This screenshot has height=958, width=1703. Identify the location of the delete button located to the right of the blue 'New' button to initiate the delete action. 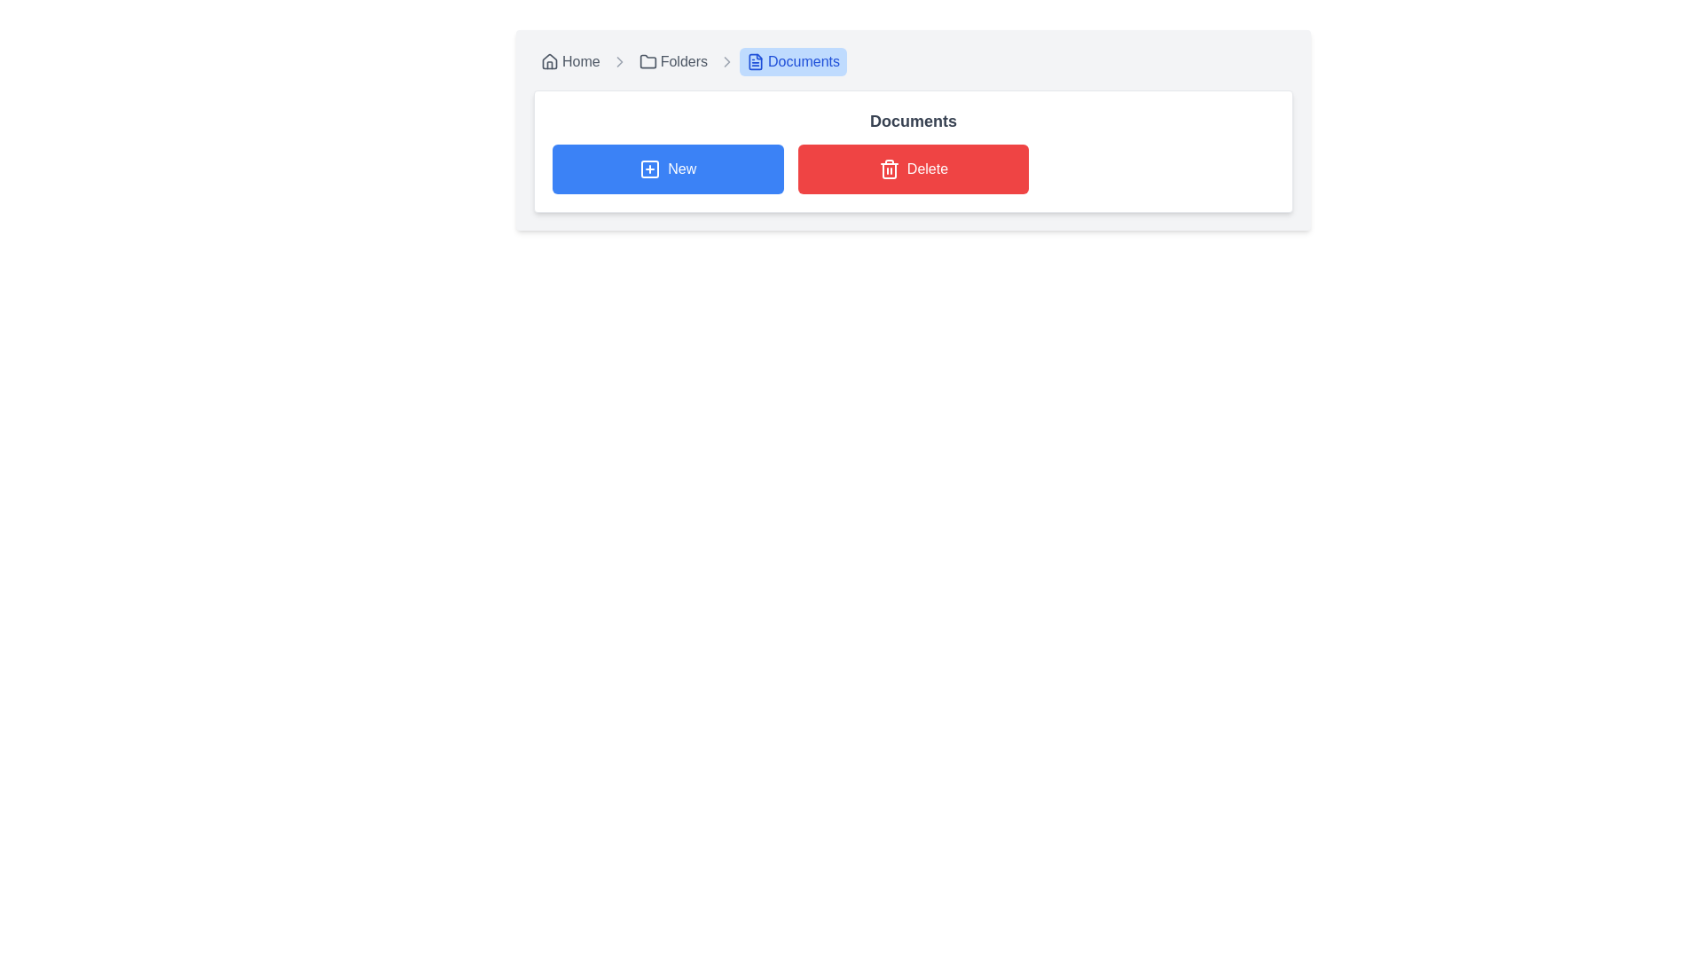
(914, 169).